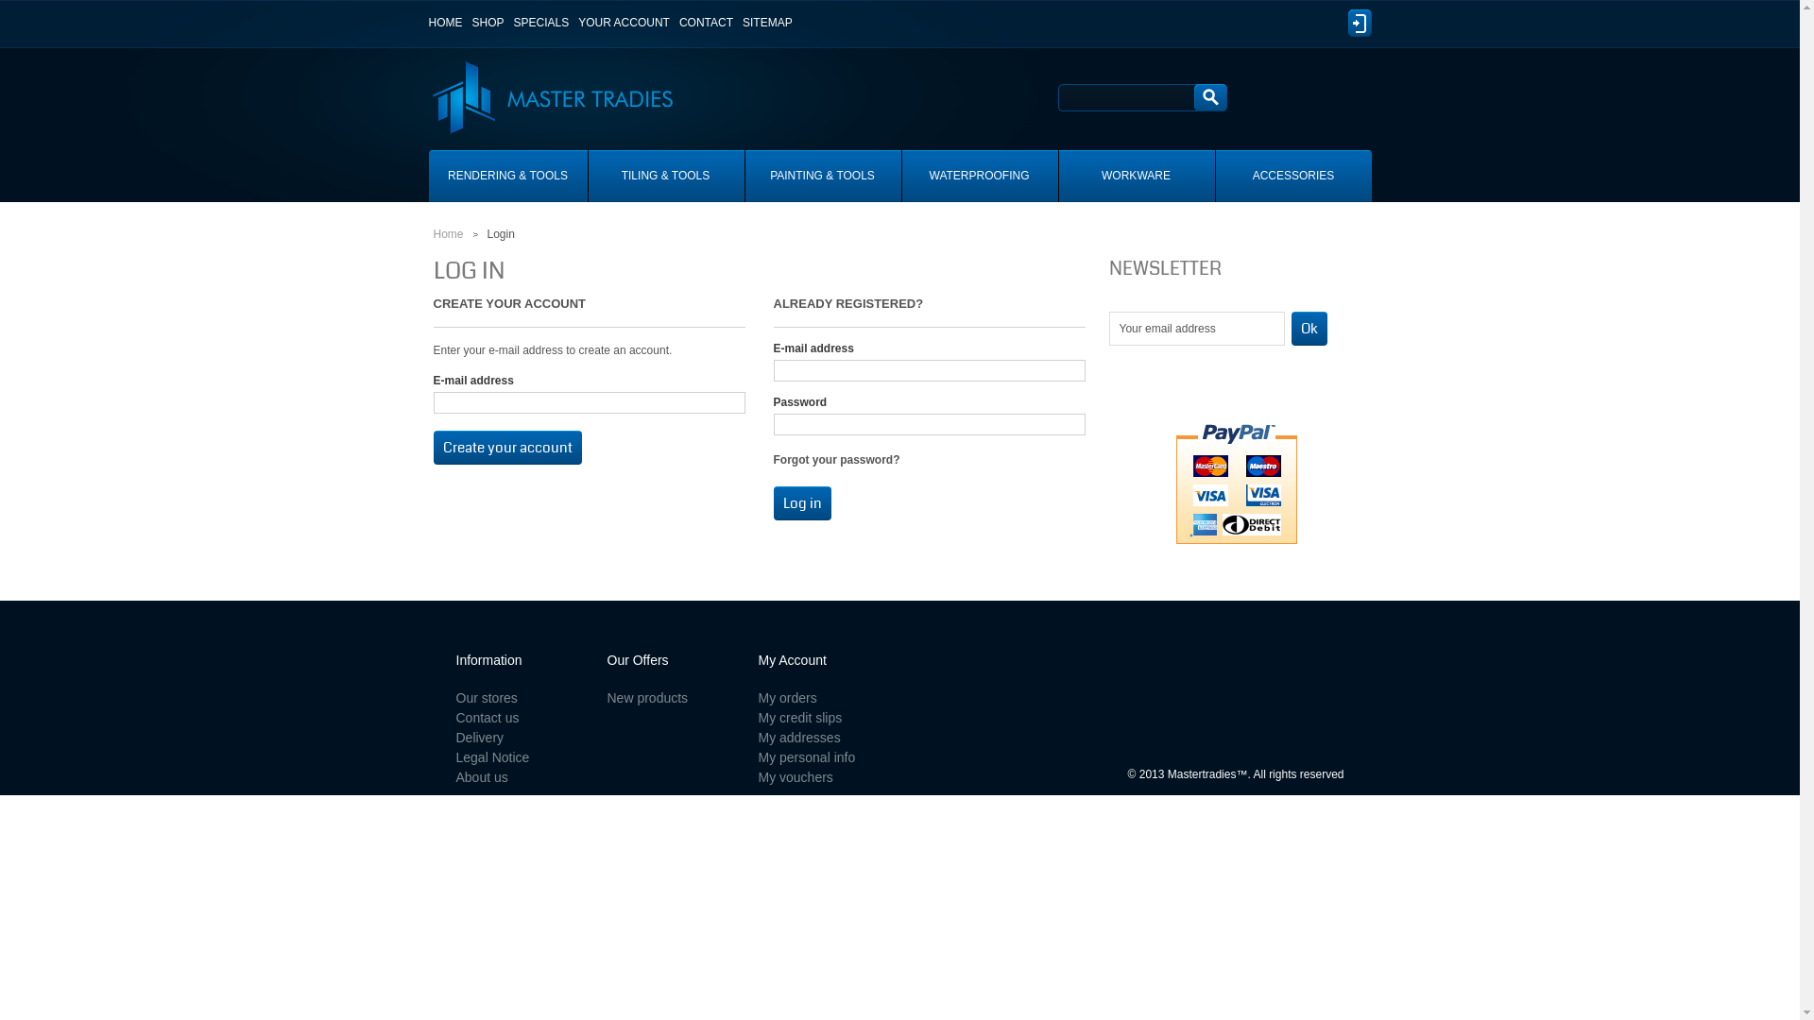 The height and width of the screenshot is (1020, 1814). Describe the element at coordinates (821, 176) in the screenshot. I see `'PAINTING & TOOLS'` at that location.